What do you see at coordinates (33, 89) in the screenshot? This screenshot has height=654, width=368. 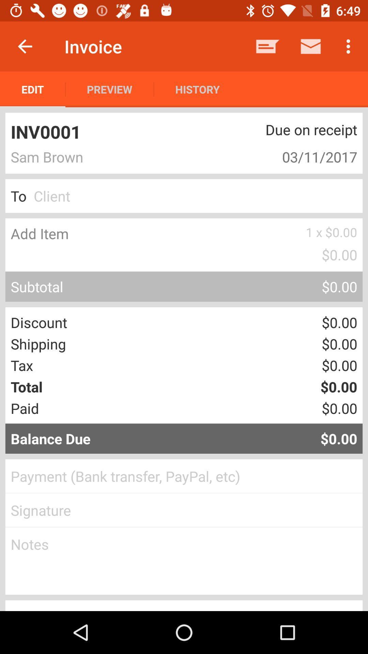 I see `the edit` at bounding box center [33, 89].